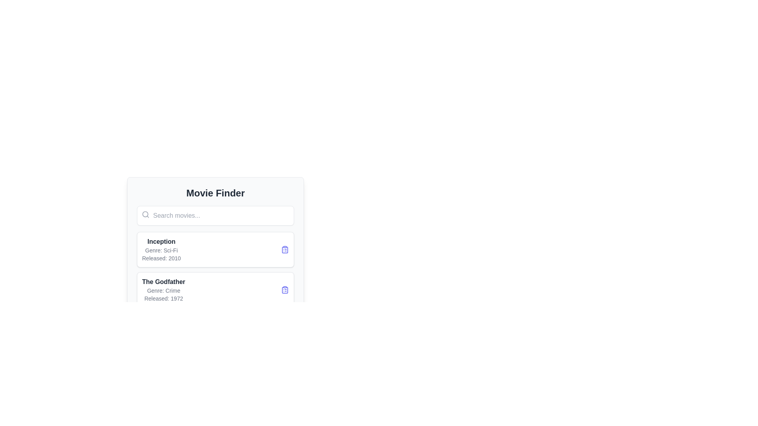 The width and height of the screenshot is (758, 426). I want to click on the text label displaying 'Inception' which is positioned at the top of the movie details card, so click(161, 241).